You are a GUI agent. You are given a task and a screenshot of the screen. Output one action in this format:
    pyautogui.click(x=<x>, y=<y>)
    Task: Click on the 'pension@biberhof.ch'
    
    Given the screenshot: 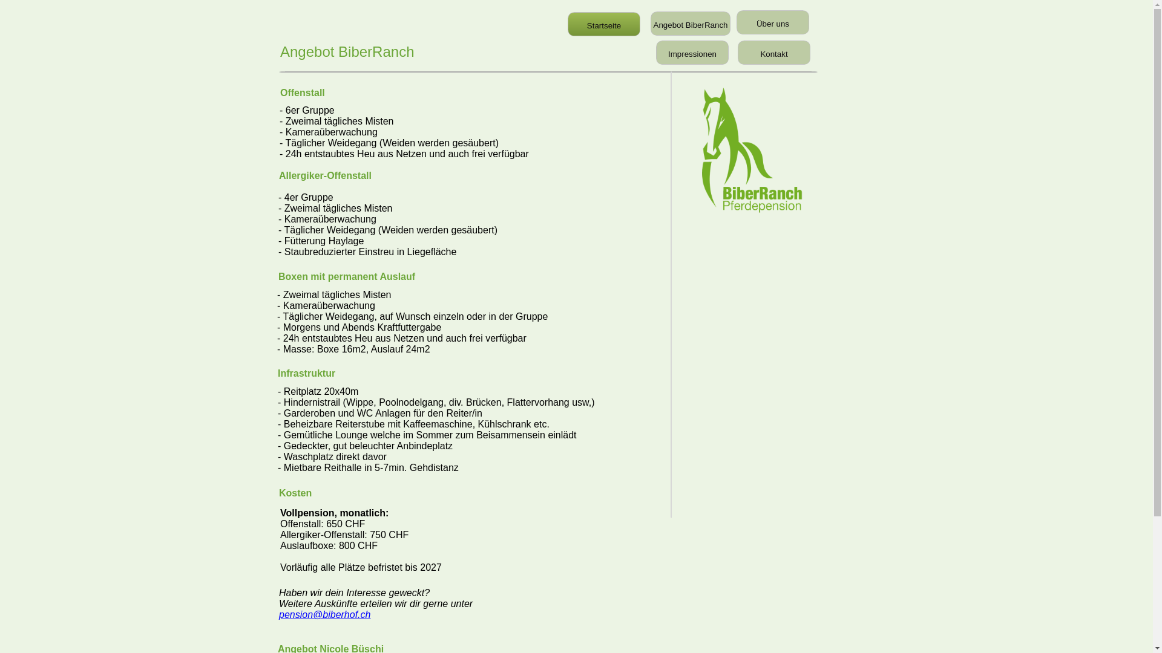 What is the action you would take?
    pyautogui.click(x=324, y=614)
    